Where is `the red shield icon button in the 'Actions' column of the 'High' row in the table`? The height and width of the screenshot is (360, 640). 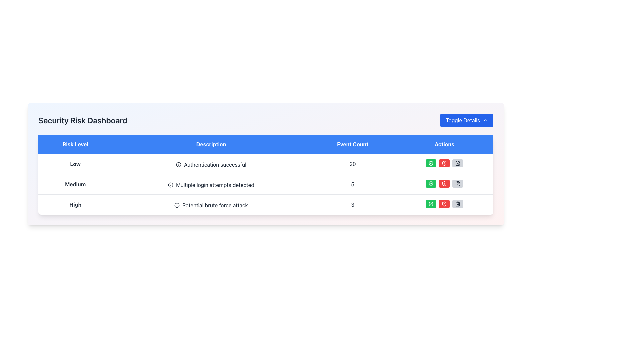 the red shield icon button in the 'Actions' column of the 'High' row in the table is located at coordinates (444, 204).